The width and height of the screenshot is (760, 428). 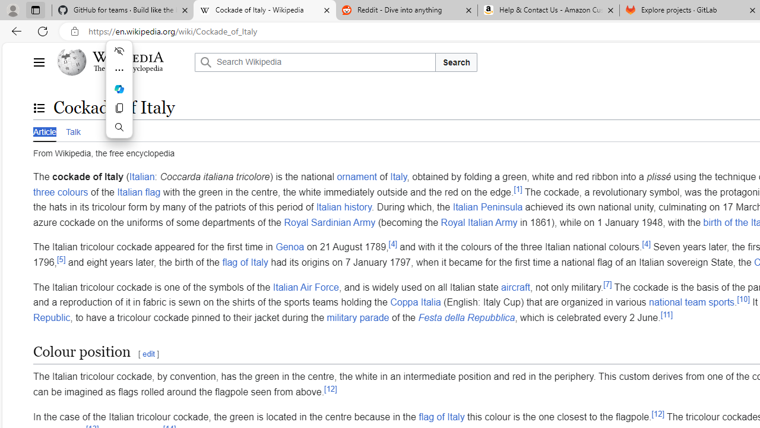 I want to click on 'Copy', so click(x=119, y=108).